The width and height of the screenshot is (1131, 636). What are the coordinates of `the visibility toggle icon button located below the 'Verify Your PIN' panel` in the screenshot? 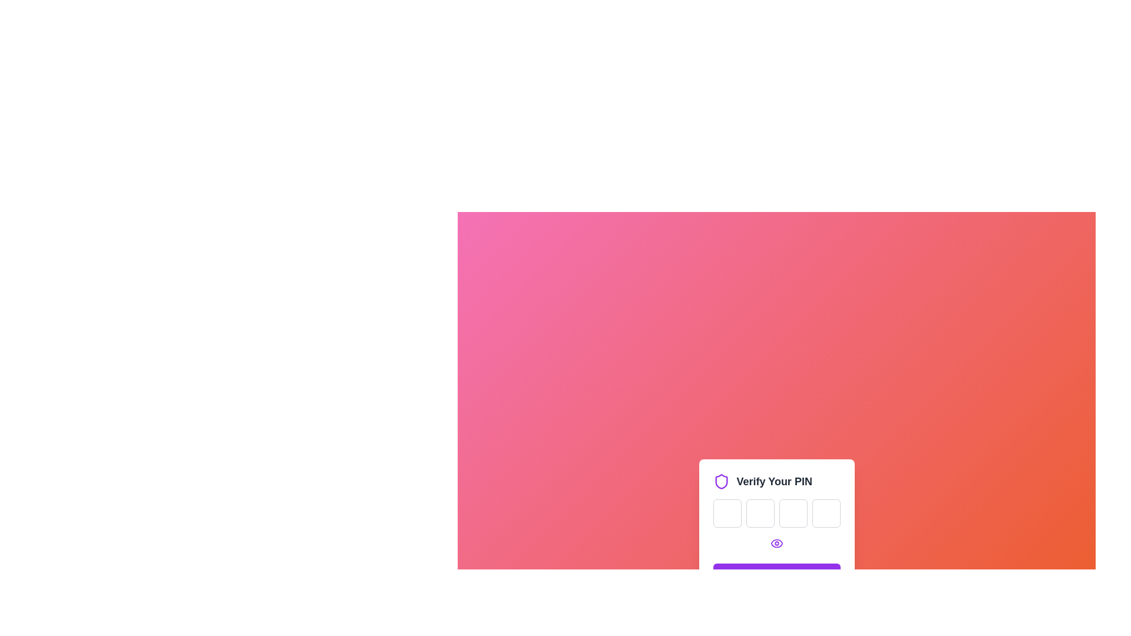 It's located at (776, 543).